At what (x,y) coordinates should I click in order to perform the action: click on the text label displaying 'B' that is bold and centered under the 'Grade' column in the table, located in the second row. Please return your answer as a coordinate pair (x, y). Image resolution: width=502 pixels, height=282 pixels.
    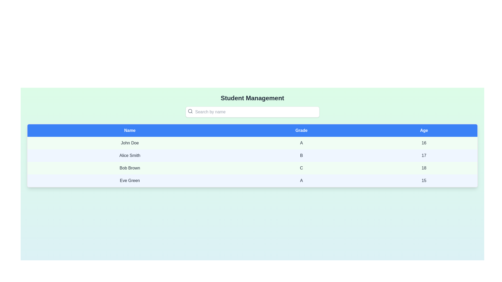
    Looking at the image, I should click on (301, 155).